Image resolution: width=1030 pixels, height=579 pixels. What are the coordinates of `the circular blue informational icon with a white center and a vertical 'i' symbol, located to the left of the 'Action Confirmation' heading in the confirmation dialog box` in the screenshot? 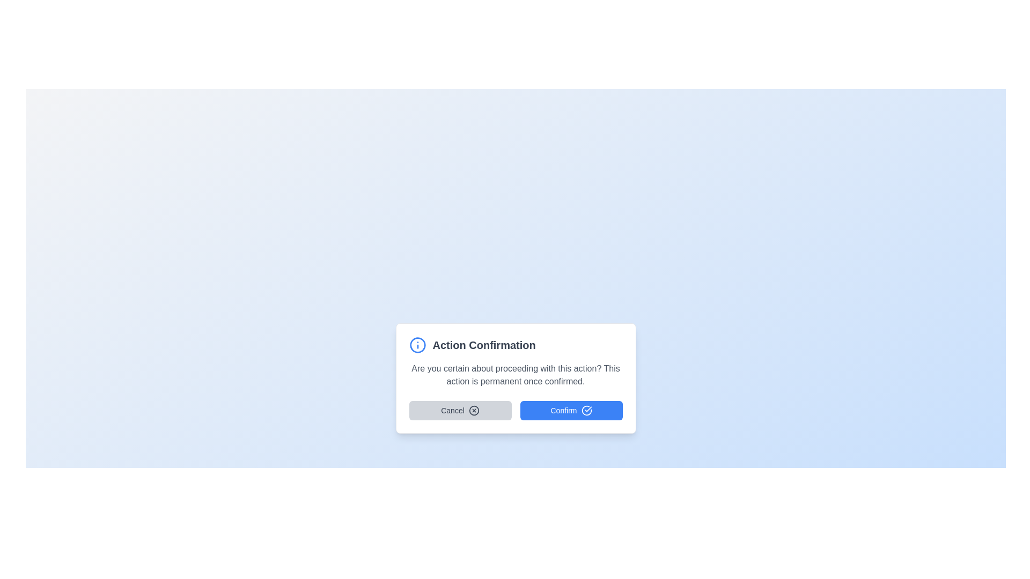 It's located at (417, 345).